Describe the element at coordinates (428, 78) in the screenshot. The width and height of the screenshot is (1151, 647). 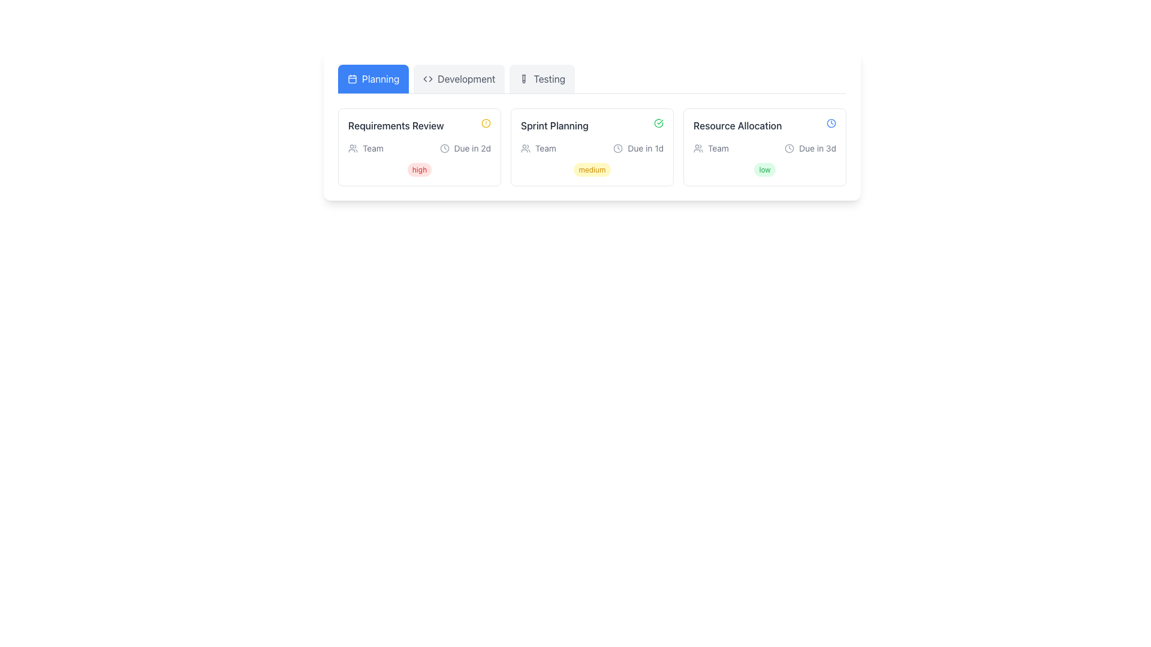
I see `the small, stylized icon resembling a pair of arrows pointing towards each other located within the 'Development' tab` at that location.